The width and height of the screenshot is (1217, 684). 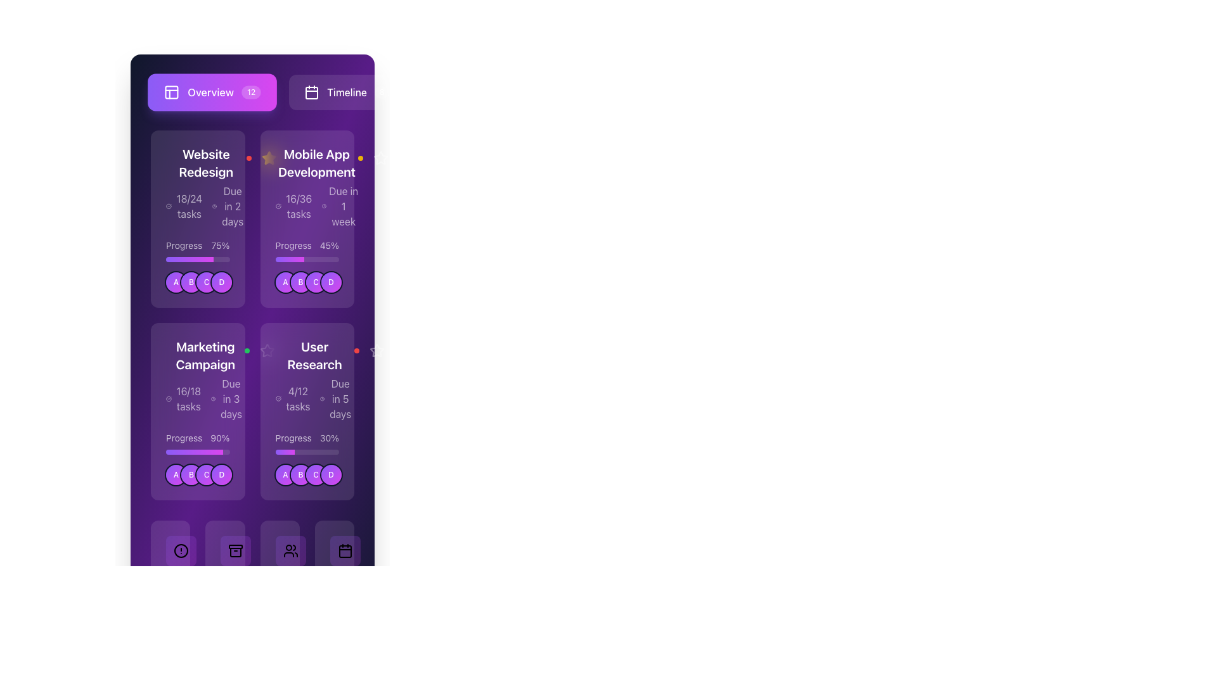 I want to click on the progress indicator for the 'Mobile App Development' card, which visually conveys task progress with a percentage and a stylized progress bar, located in the second column of the first row of the grid layout, so click(x=307, y=251).